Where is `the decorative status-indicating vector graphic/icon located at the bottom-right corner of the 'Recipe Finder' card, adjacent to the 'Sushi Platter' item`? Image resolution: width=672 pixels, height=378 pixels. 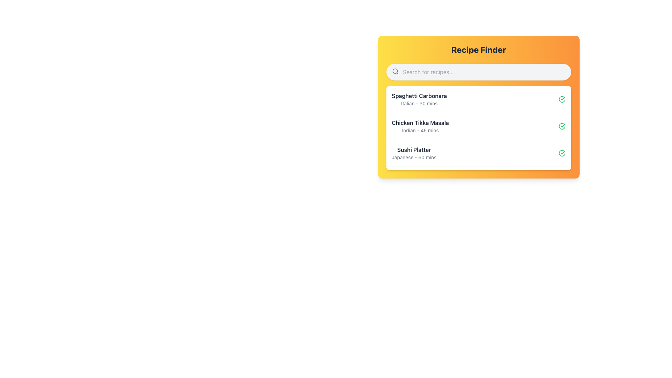
the decorative status-indicating vector graphic/icon located at the bottom-right corner of the 'Recipe Finder' card, adjacent to the 'Sushi Platter' item is located at coordinates (562, 180).